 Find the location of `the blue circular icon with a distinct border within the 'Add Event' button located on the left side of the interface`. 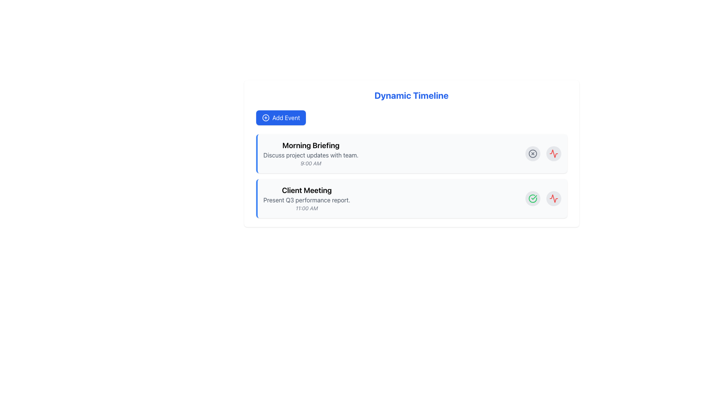

the blue circular icon with a distinct border within the 'Add Event' button located on the left side of the interface is located at coordinates (266, 118).